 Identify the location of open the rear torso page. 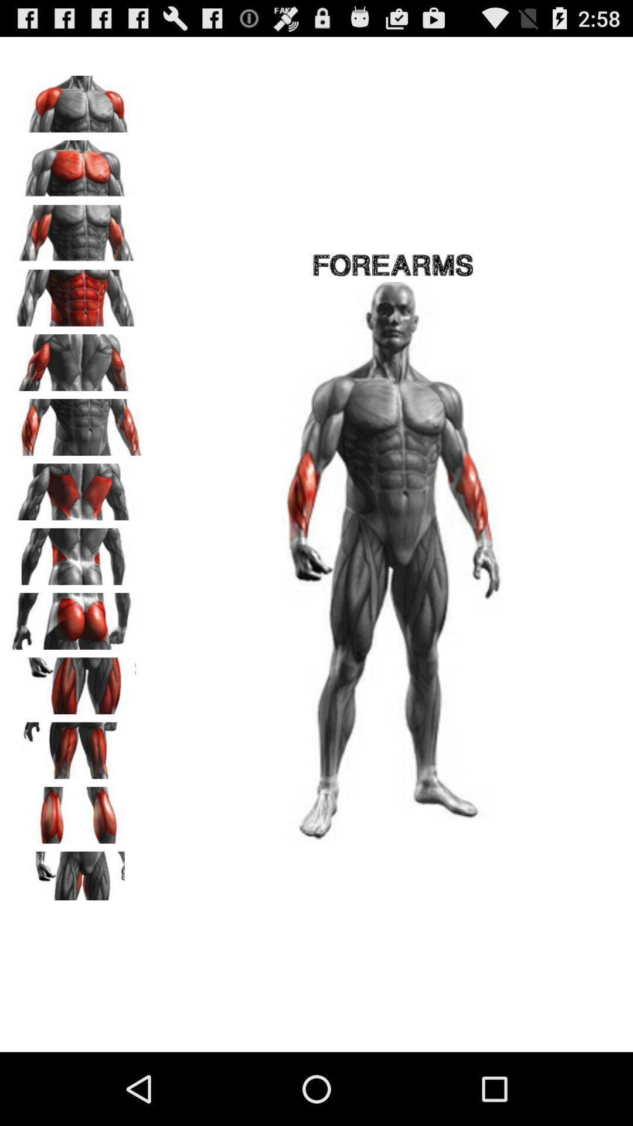
(77, 552).